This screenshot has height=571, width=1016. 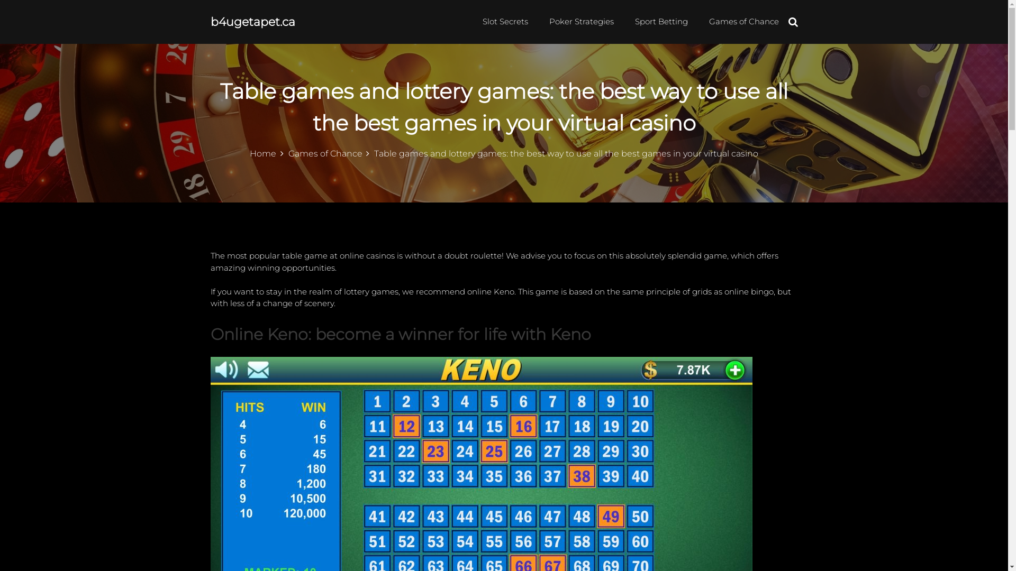 What do you see at coordinates (252, 22) in the screenshot?
I see `'b4ugetapet.ca'` at bounding box center [252, 22].